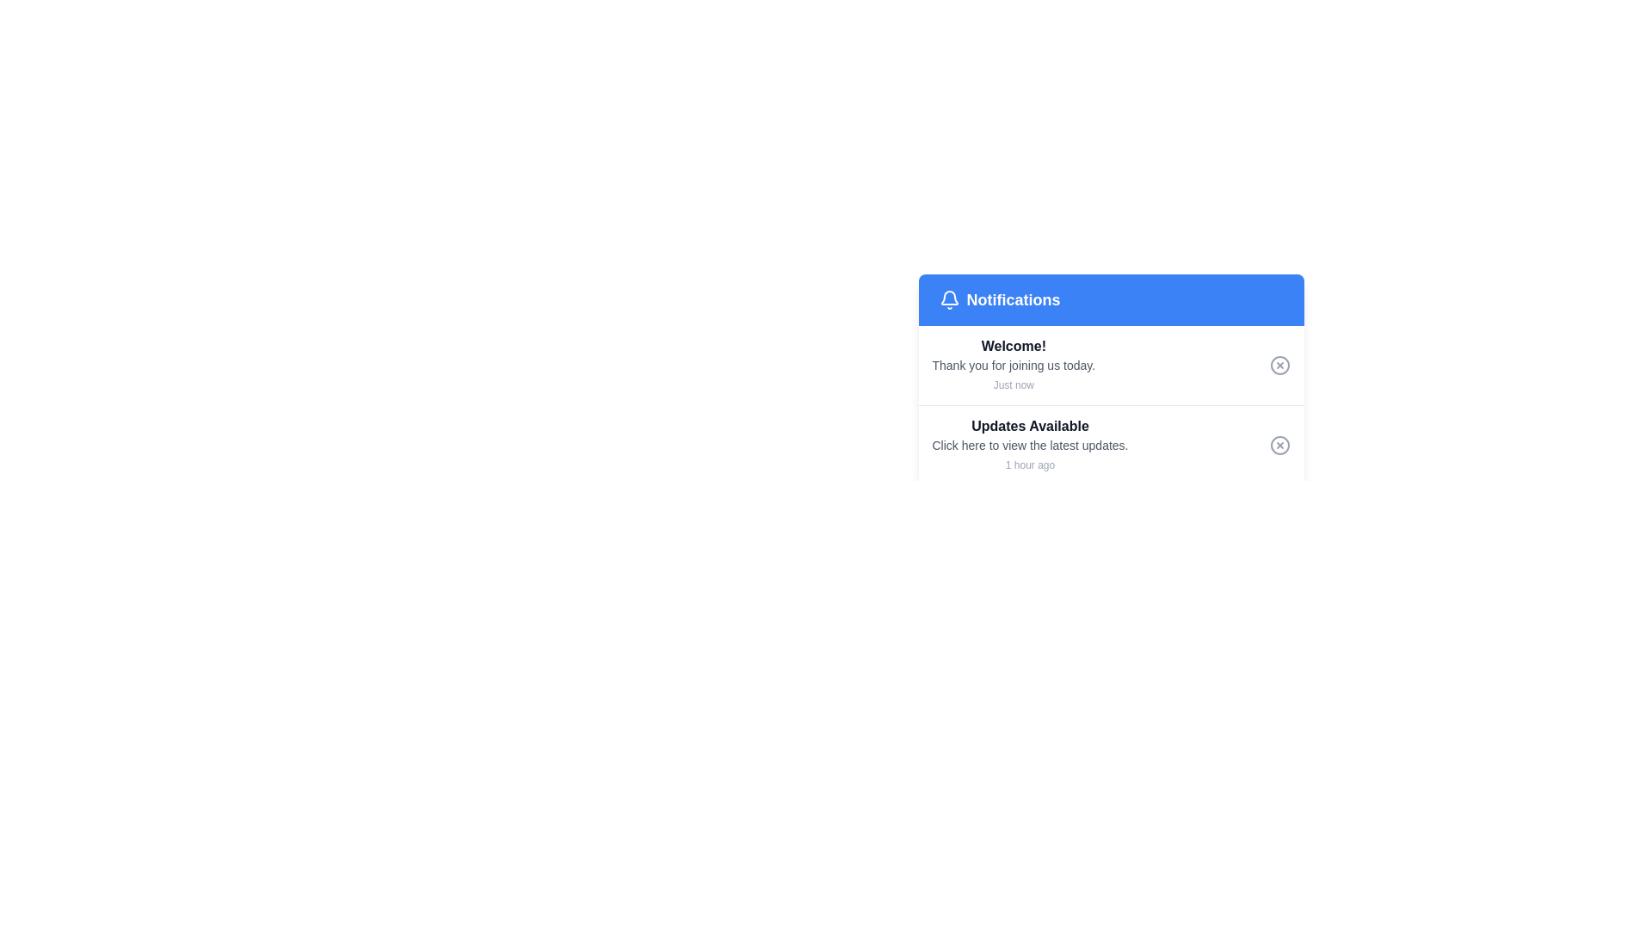  I want to click on the Notification List Item that displays 'Updates Available' with the description 'Click here, so click(1111, 444).